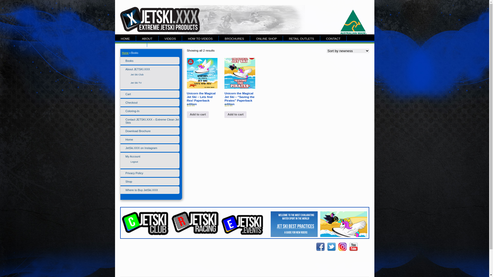 The image size is (493, 277). Describe the element at coordinates (136, 82) in the screenshot. I see `'Jet Ski TV'` at that location.